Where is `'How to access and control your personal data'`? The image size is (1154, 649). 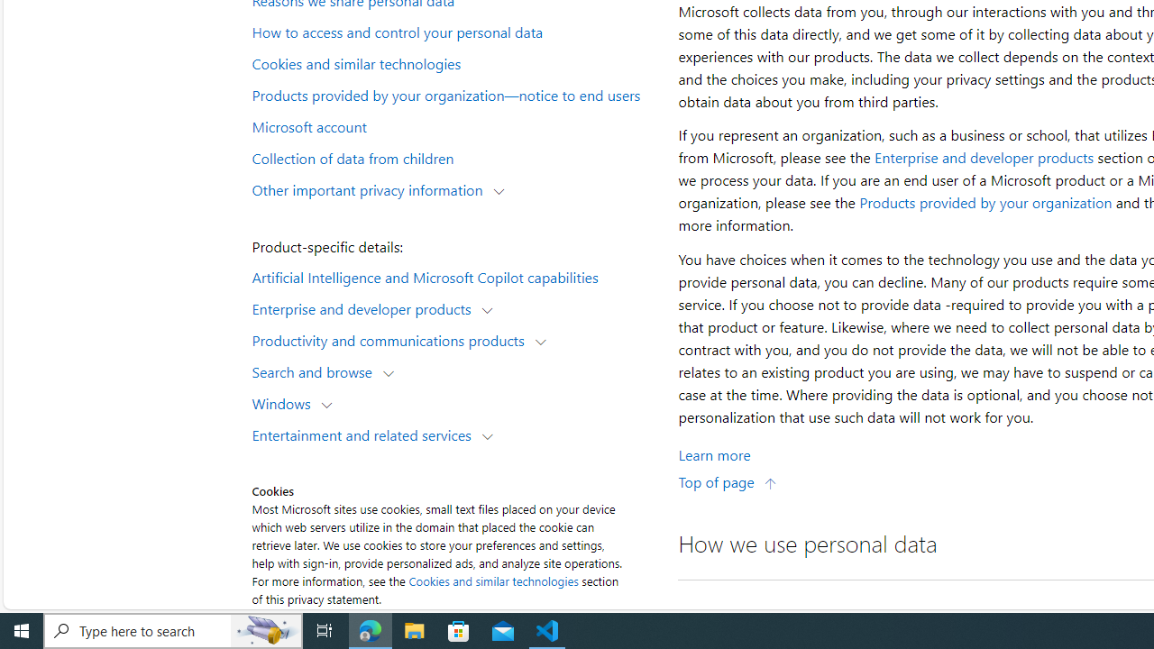 'How to access and control your personal data' is located at coordinates (454, 32).